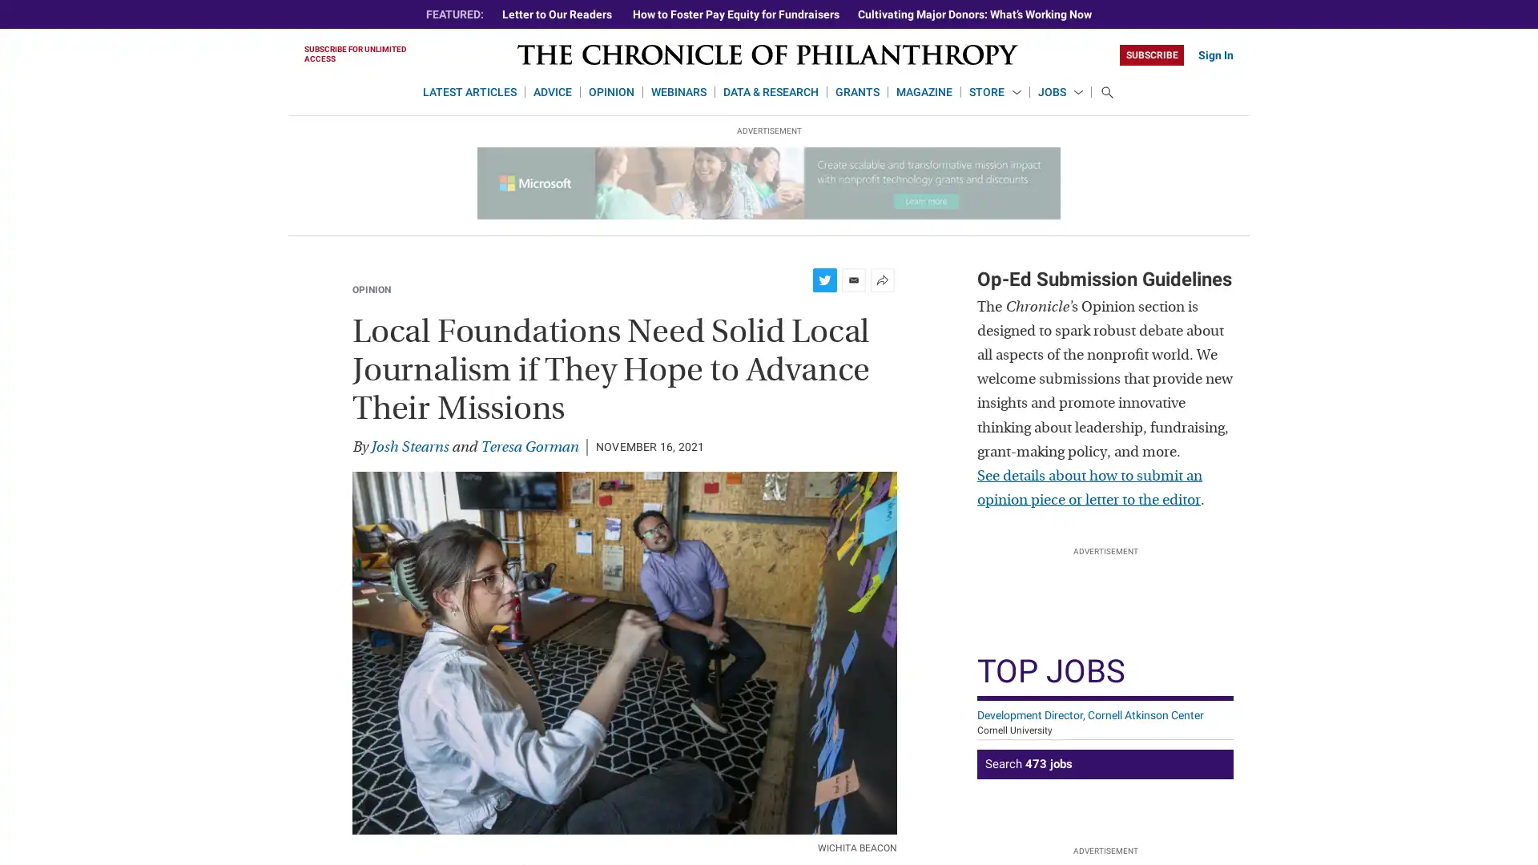  I want to click on Open Sub Navigation, so click(1077, 93).